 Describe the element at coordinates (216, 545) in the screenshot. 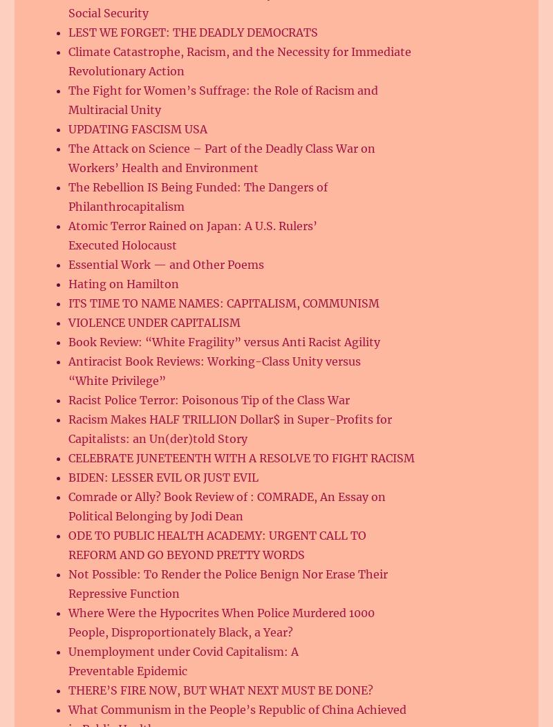

I see `'ODE TO PUBLIC HEALTH ACADEMY: URGENT CALL TO REFORM AND GO BEYOND PRETTY WORDS'` at that location.